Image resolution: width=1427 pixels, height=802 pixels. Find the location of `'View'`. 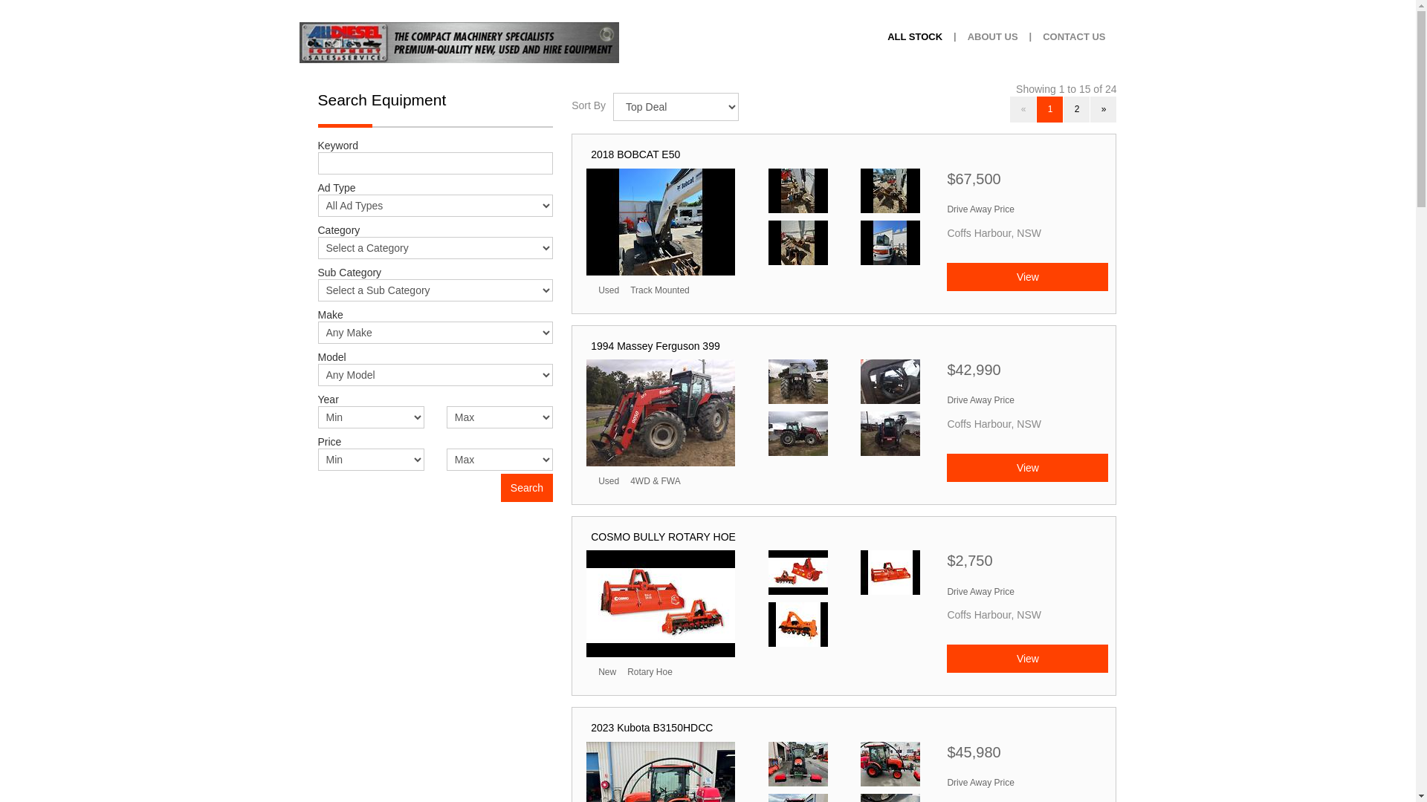

'View' is located at coordinates (1026, 277).